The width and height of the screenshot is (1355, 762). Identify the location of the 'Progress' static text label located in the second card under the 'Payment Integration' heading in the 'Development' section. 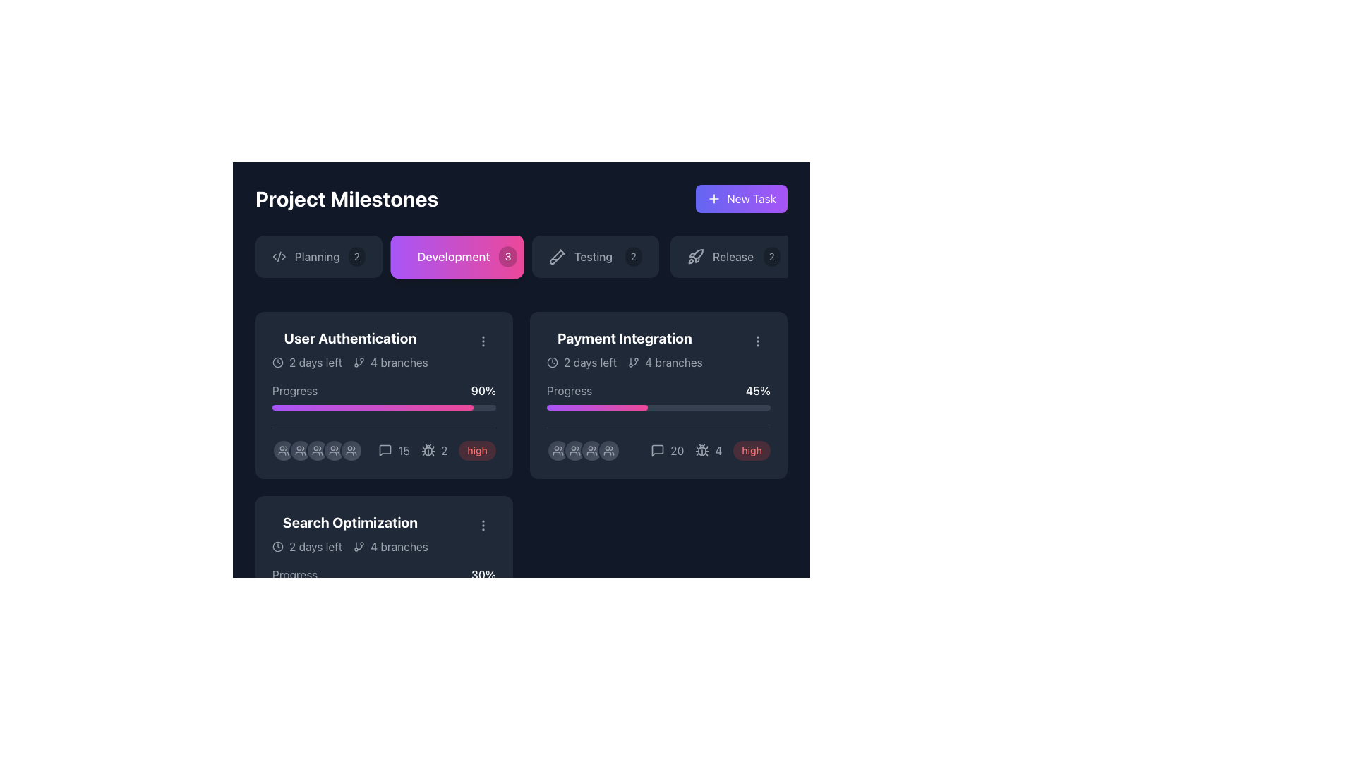
(570, 391).